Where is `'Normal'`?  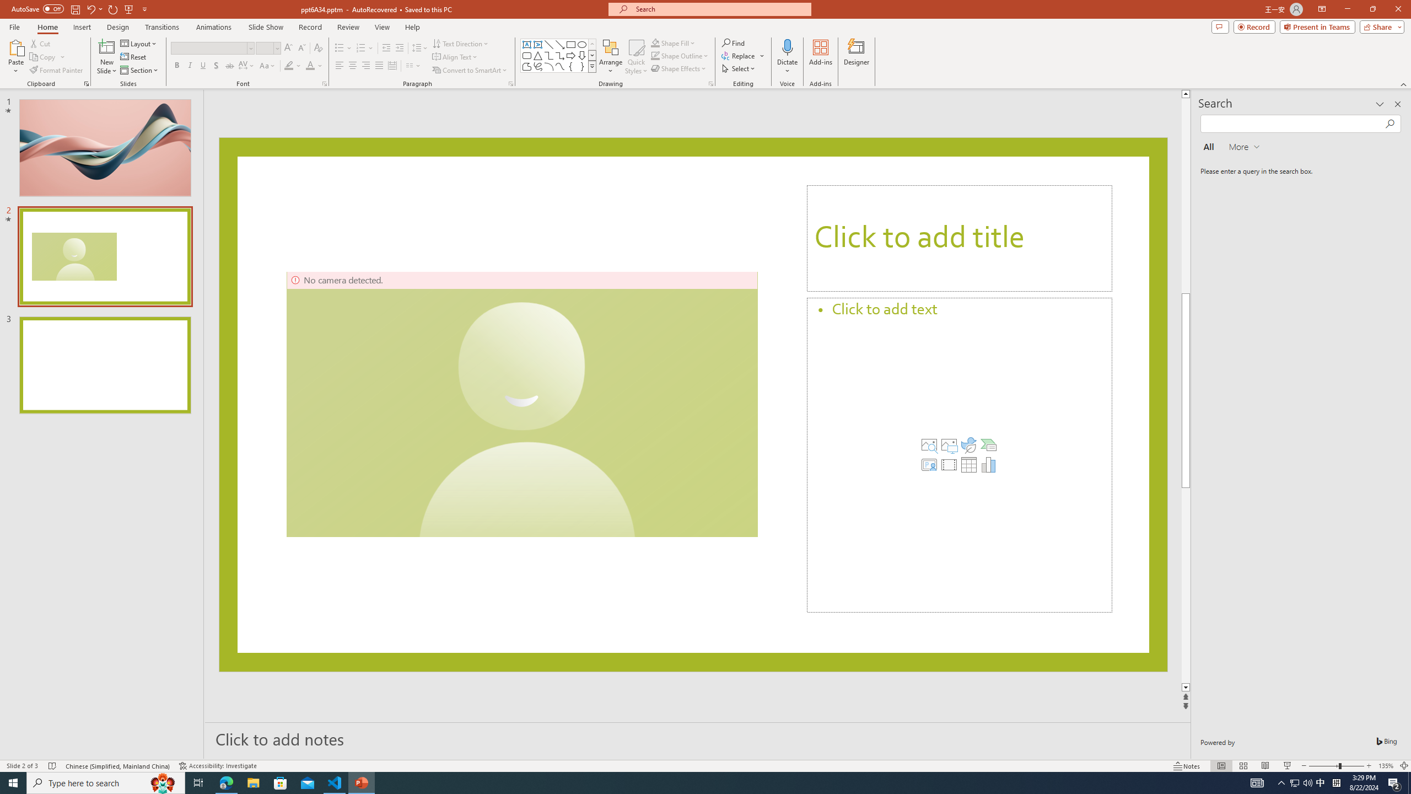 'Normal' is located at coordinates (1220, 766).